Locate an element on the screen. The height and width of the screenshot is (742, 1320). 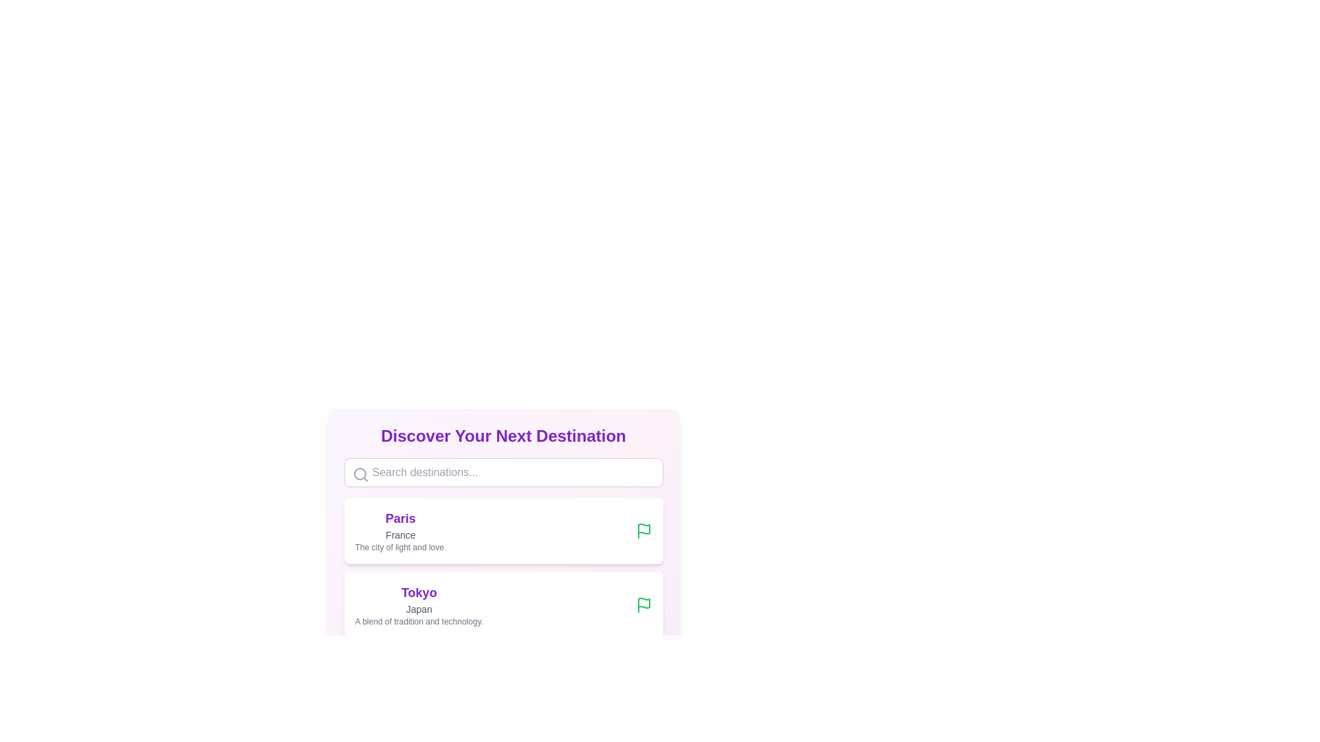
the magnifying glass icon located at the top-left corner of the search input field, which is visually to the left of the input labeled 'Search destinations...' is located at coordinates (360, 473).